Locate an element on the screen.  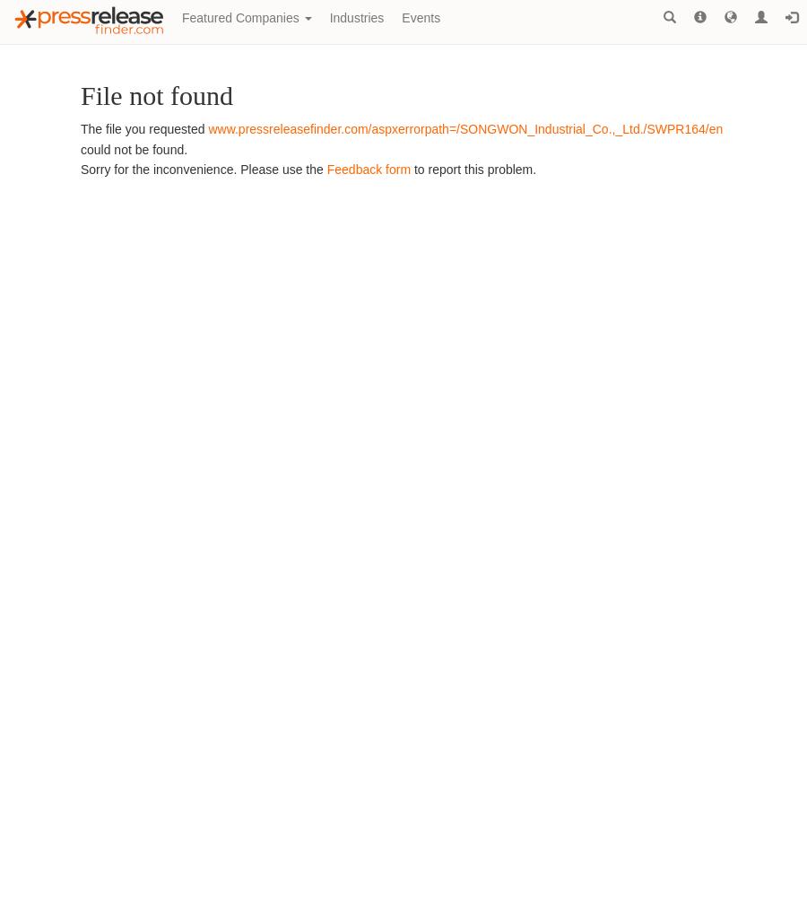
'www.pressreleasefinder.com/aspxerrorpath=/SONGWON_Industrial_Co.,_Ltd./SWPR164/en' is located at coordinates (464, 129).